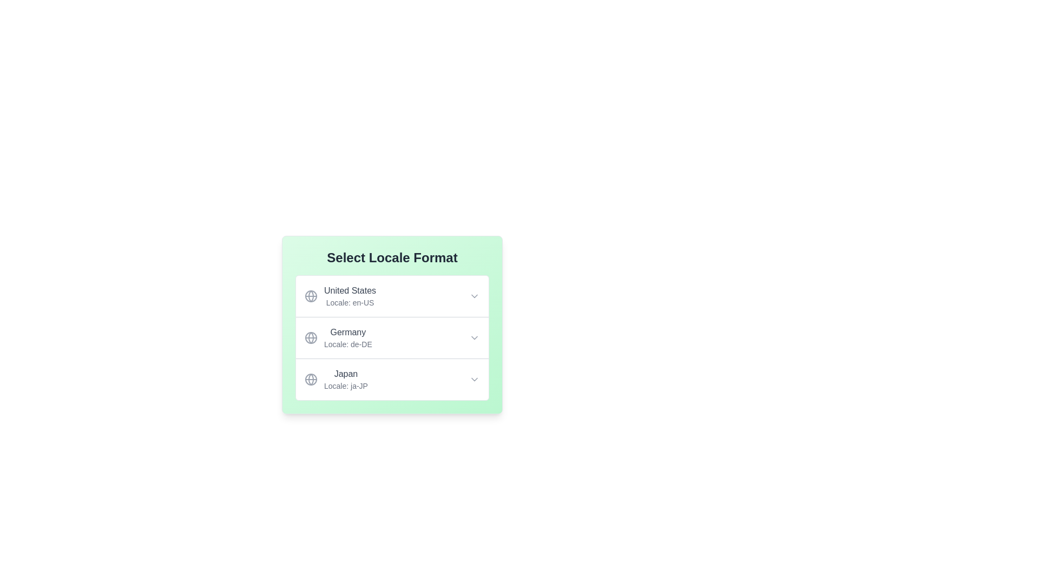 The height and width of the screenshot is (584, 1039). Describe the element at coordinates (350, 296) in the screenshot. I see `the Text Label indicating the locale setting for 'United States' with locale code 'en-US', located at the top of the list under 'Select Locale Format'` at that location.